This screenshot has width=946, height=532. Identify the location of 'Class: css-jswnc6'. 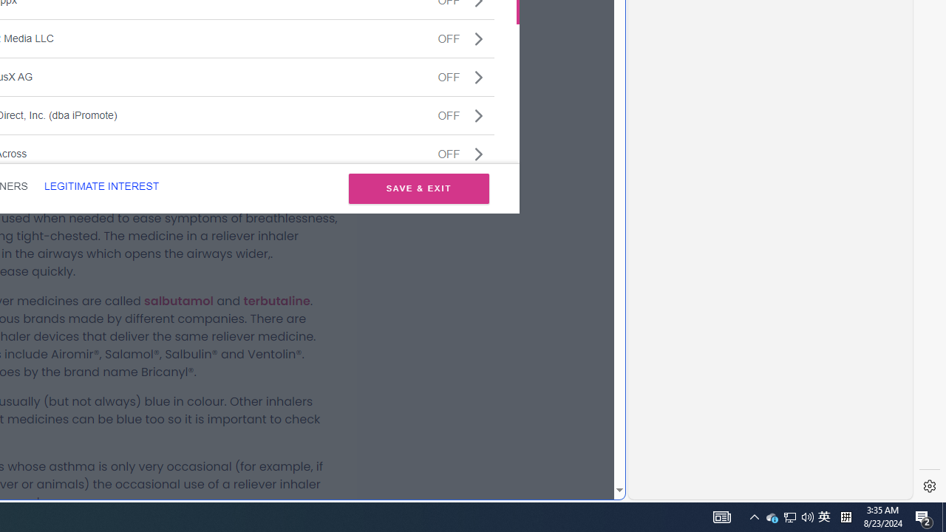
(479, 154).